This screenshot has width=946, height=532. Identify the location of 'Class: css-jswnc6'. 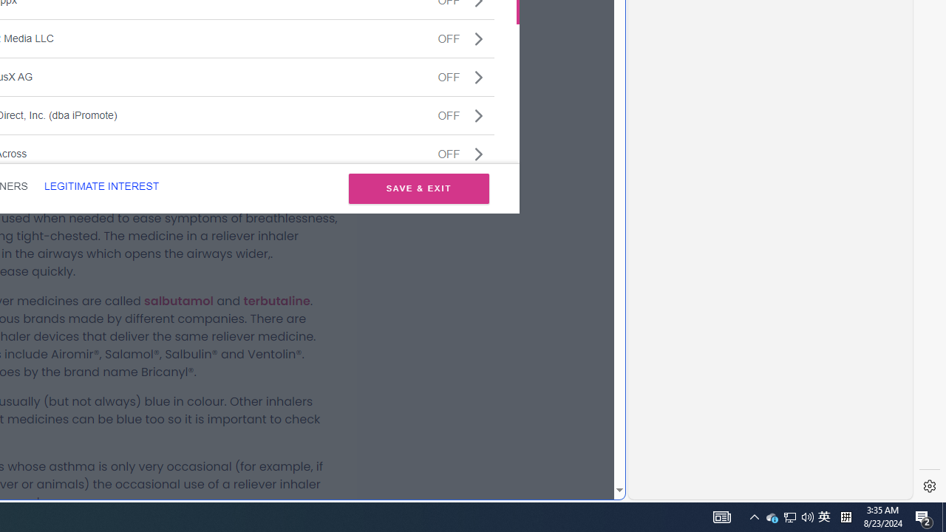
(479, 154).